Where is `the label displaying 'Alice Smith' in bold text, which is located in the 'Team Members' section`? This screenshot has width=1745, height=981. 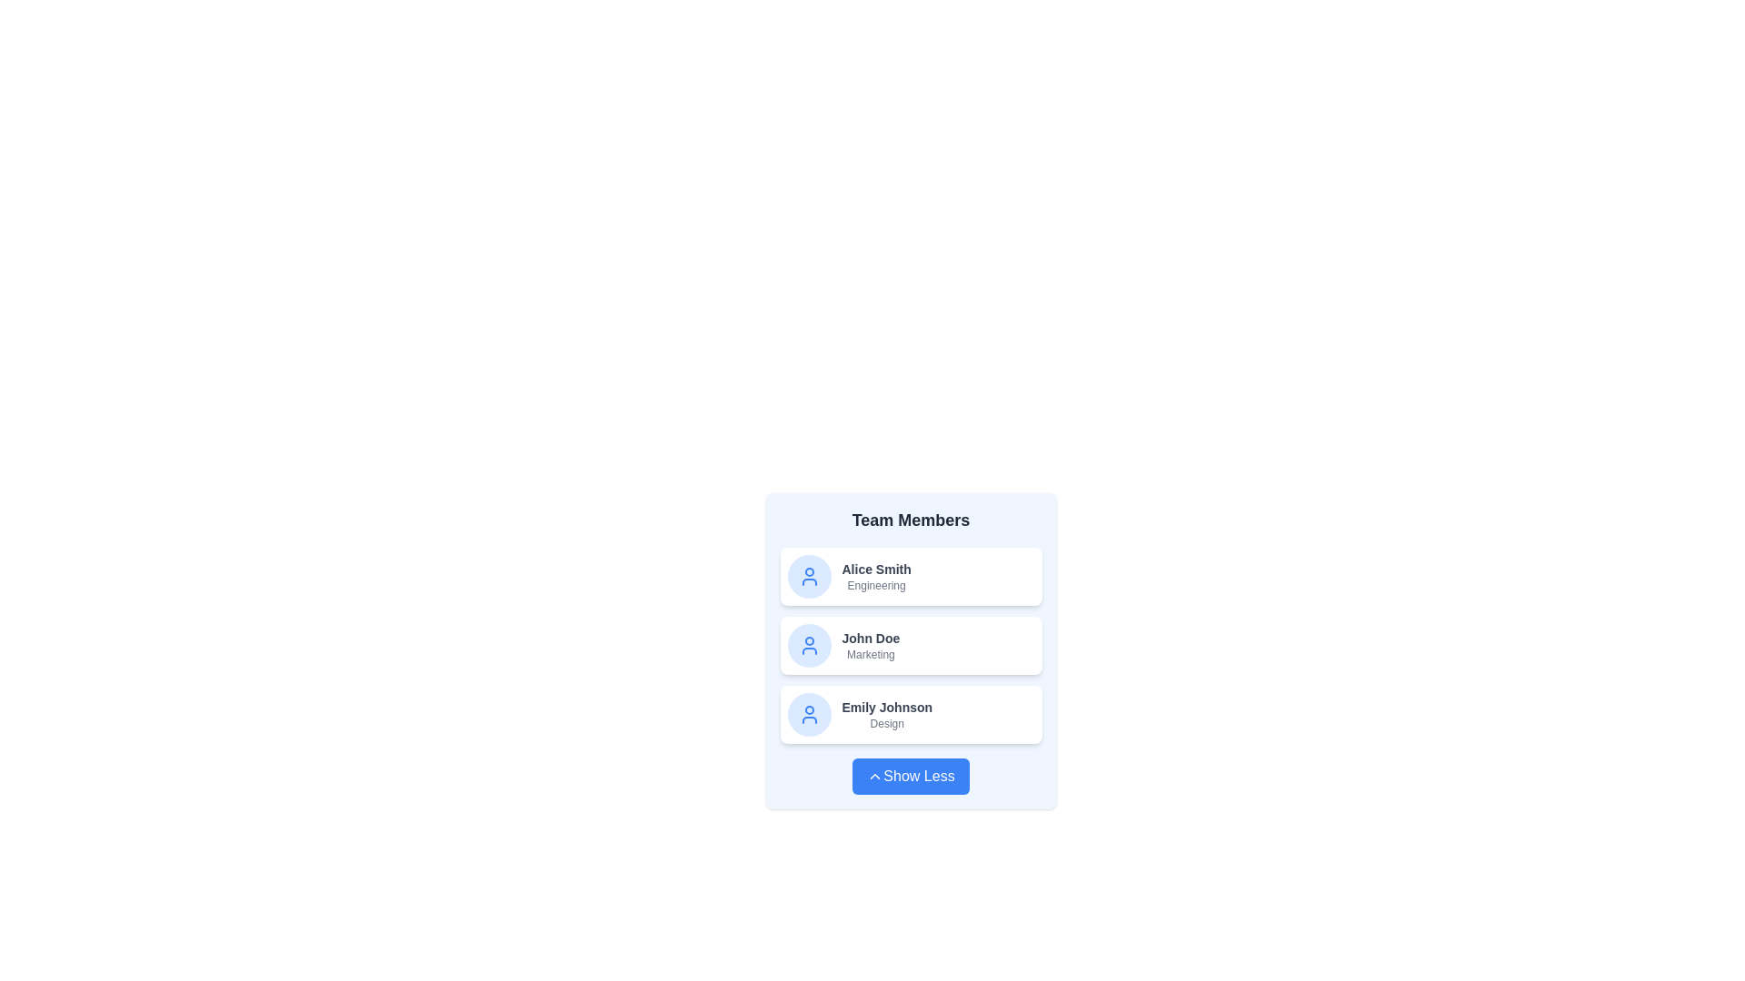
the label displaying 'Alice Smith' in bold text, which is located in the 'Team Members' section is located at coordinates (876, 577).